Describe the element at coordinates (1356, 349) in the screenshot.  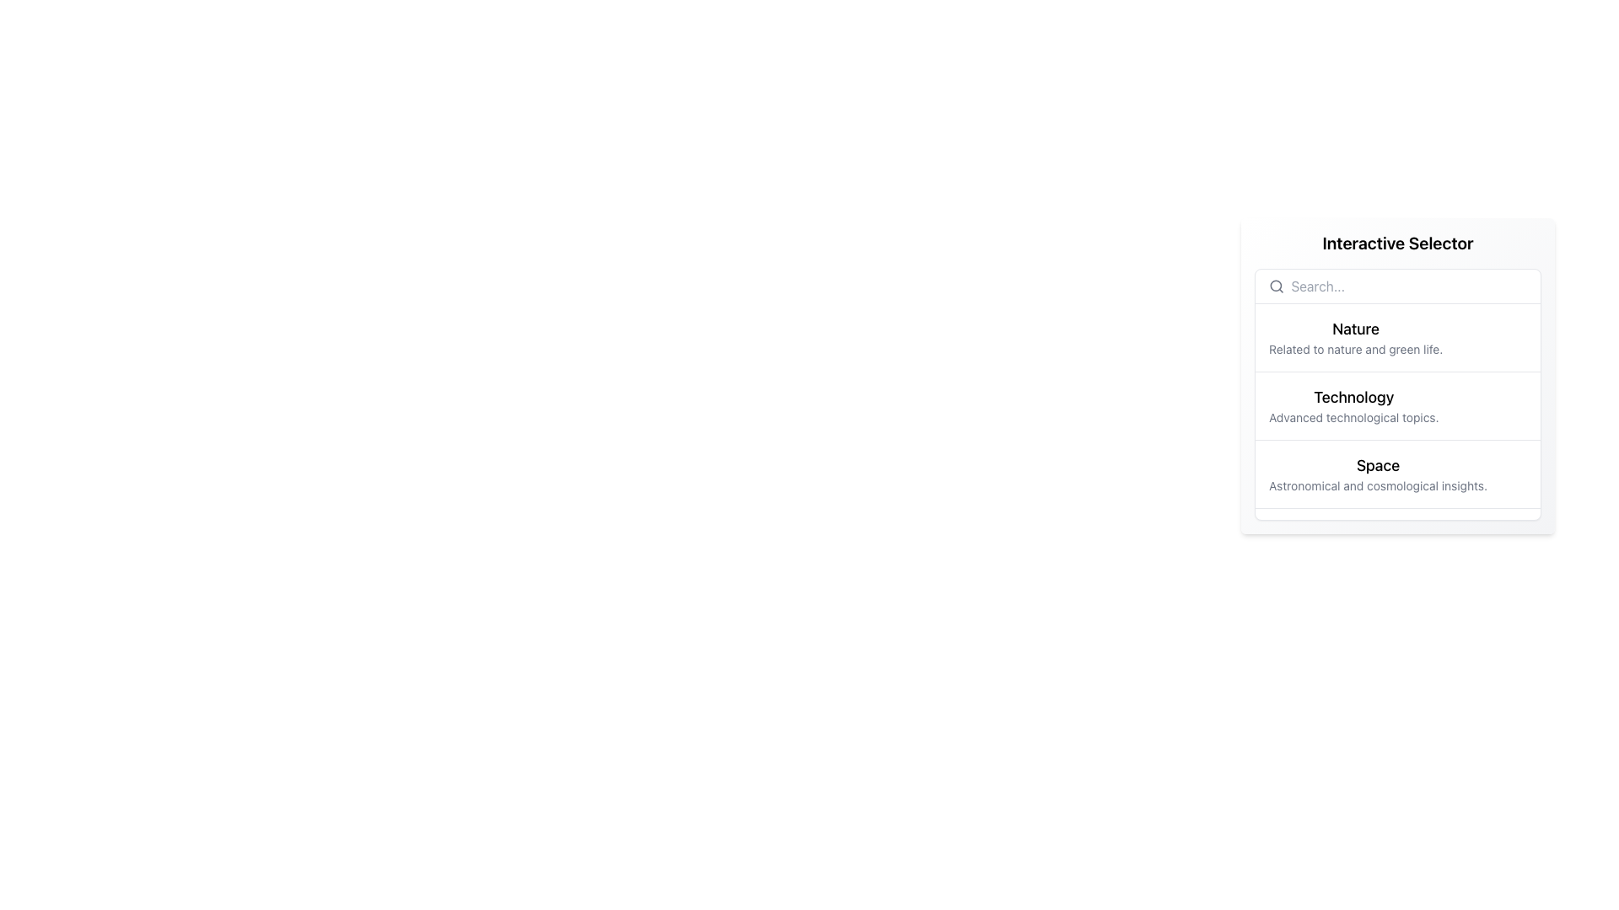
I see `the static label displaying the text 'Related to nature and green life.' which is located beneath the heading 'Nature'` at that location.